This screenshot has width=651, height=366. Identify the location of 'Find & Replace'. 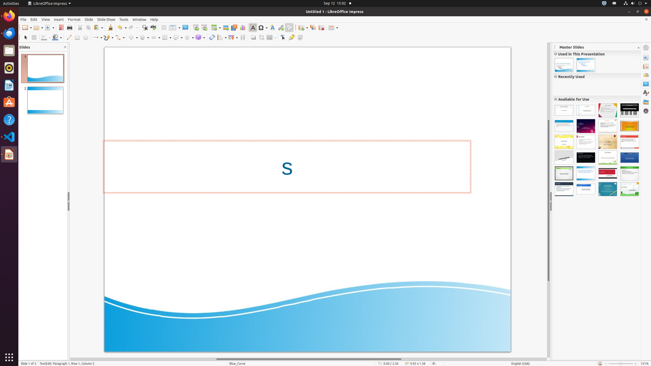
(144, 27).